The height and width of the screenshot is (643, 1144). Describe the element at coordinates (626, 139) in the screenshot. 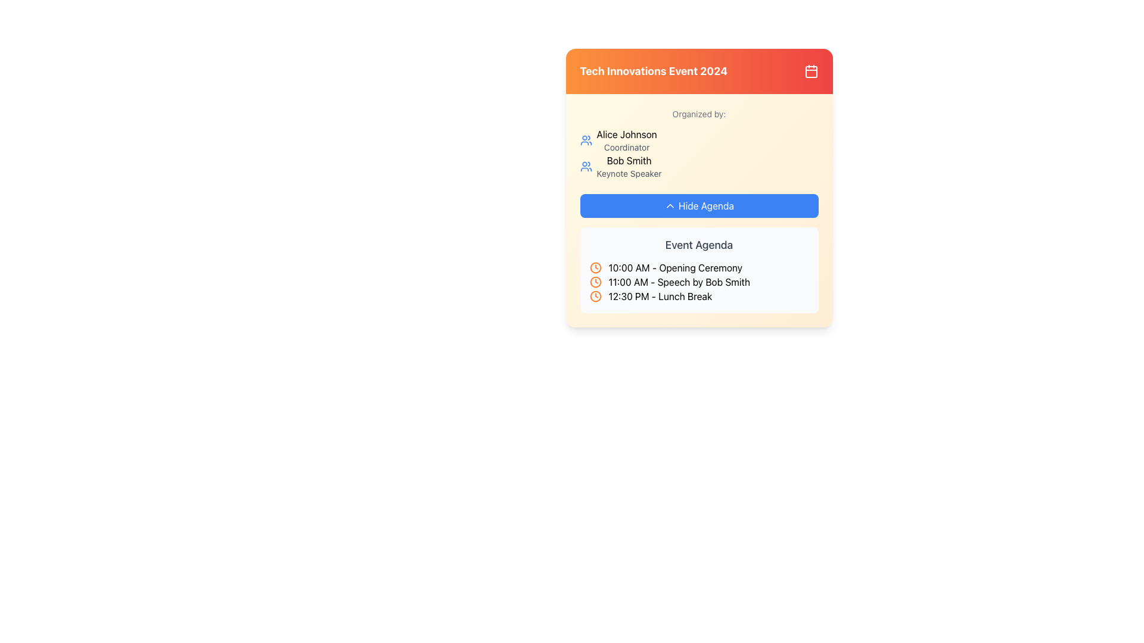

I see `the Text Label displaying 'Alice Johnson' located above the title 'Coordinator' in the 'Organized by:' section` at that location.